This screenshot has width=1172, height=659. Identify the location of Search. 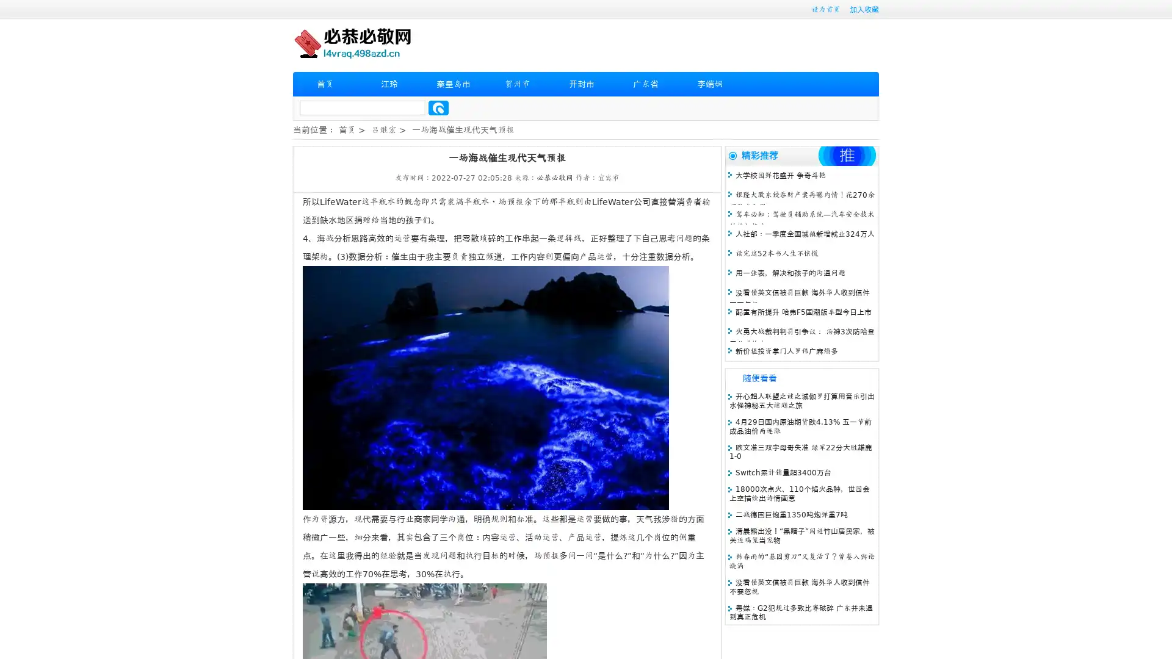
(438, 107).